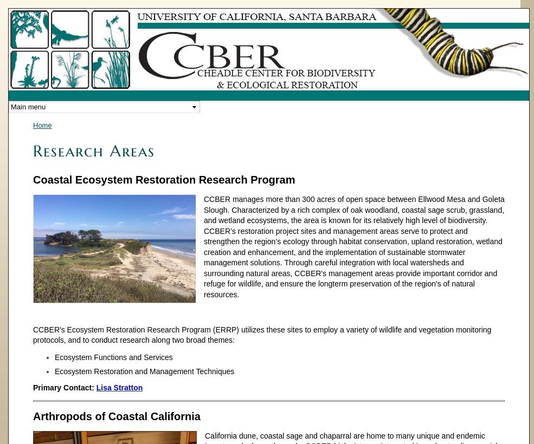 The height and width of the screenshot is (444, 534). What do you see at coordinates (32, 415) in the screenshot?
I see `'Arthropods of Coastal California'` at bounding box center [32, 415].